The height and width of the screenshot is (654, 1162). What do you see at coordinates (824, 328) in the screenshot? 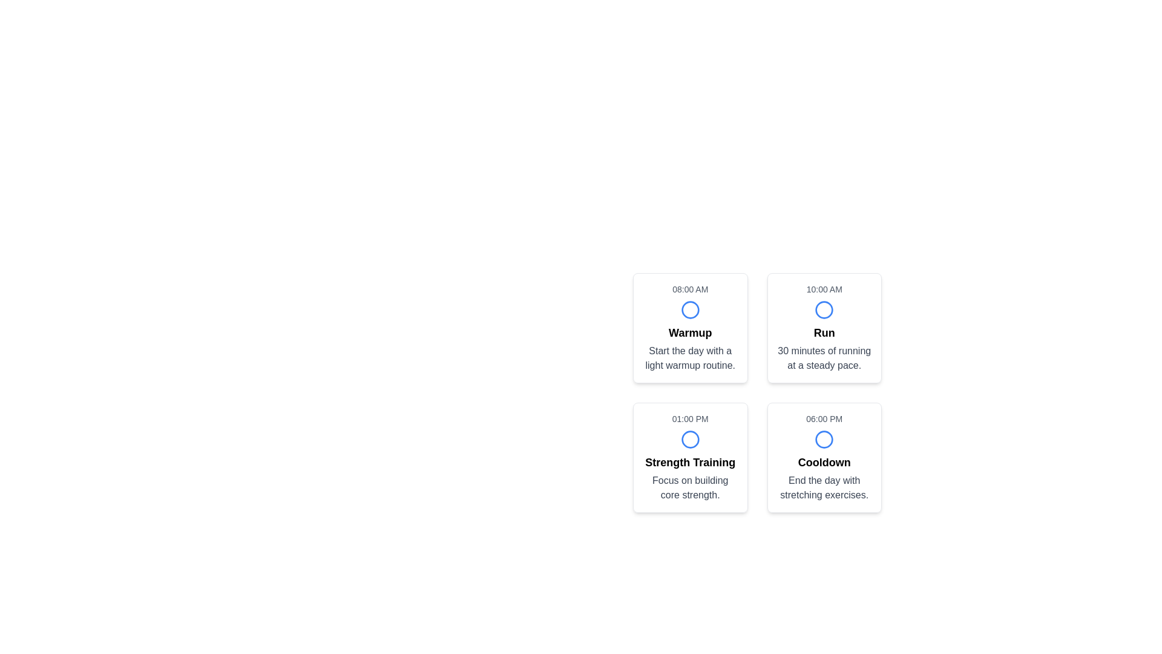
I see `the Informational Card displaying '10:00 AM', which includes a blue circular icon and the word 'Run' in bold, located in the top-right position of the grid layout` at bounding box center [824, 328].